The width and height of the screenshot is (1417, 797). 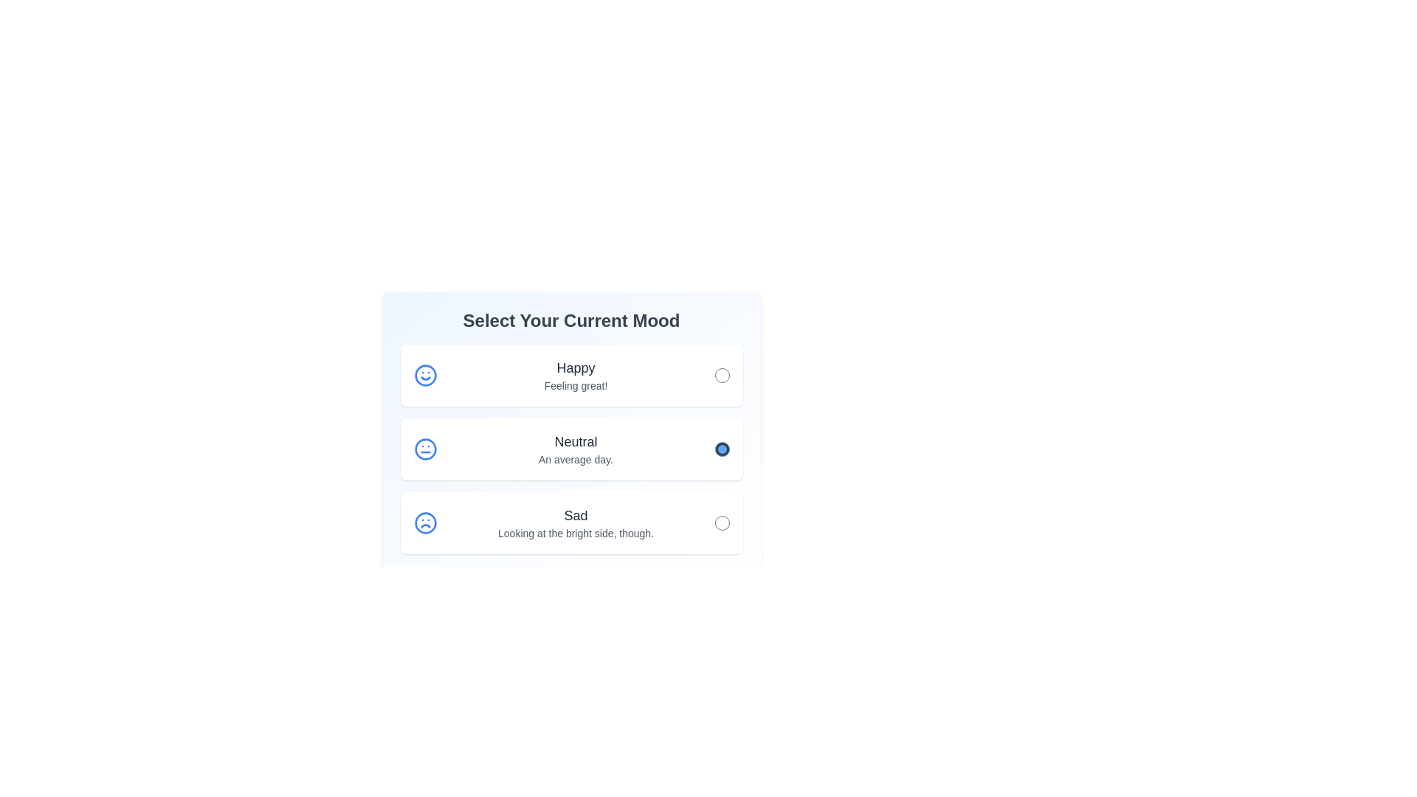 What do you see at coordinates (424, 449) in the screenshot?
I see `the circular element representing the 'Neutral' mood option in the second mood selection card` at bounding box center [424, 449].